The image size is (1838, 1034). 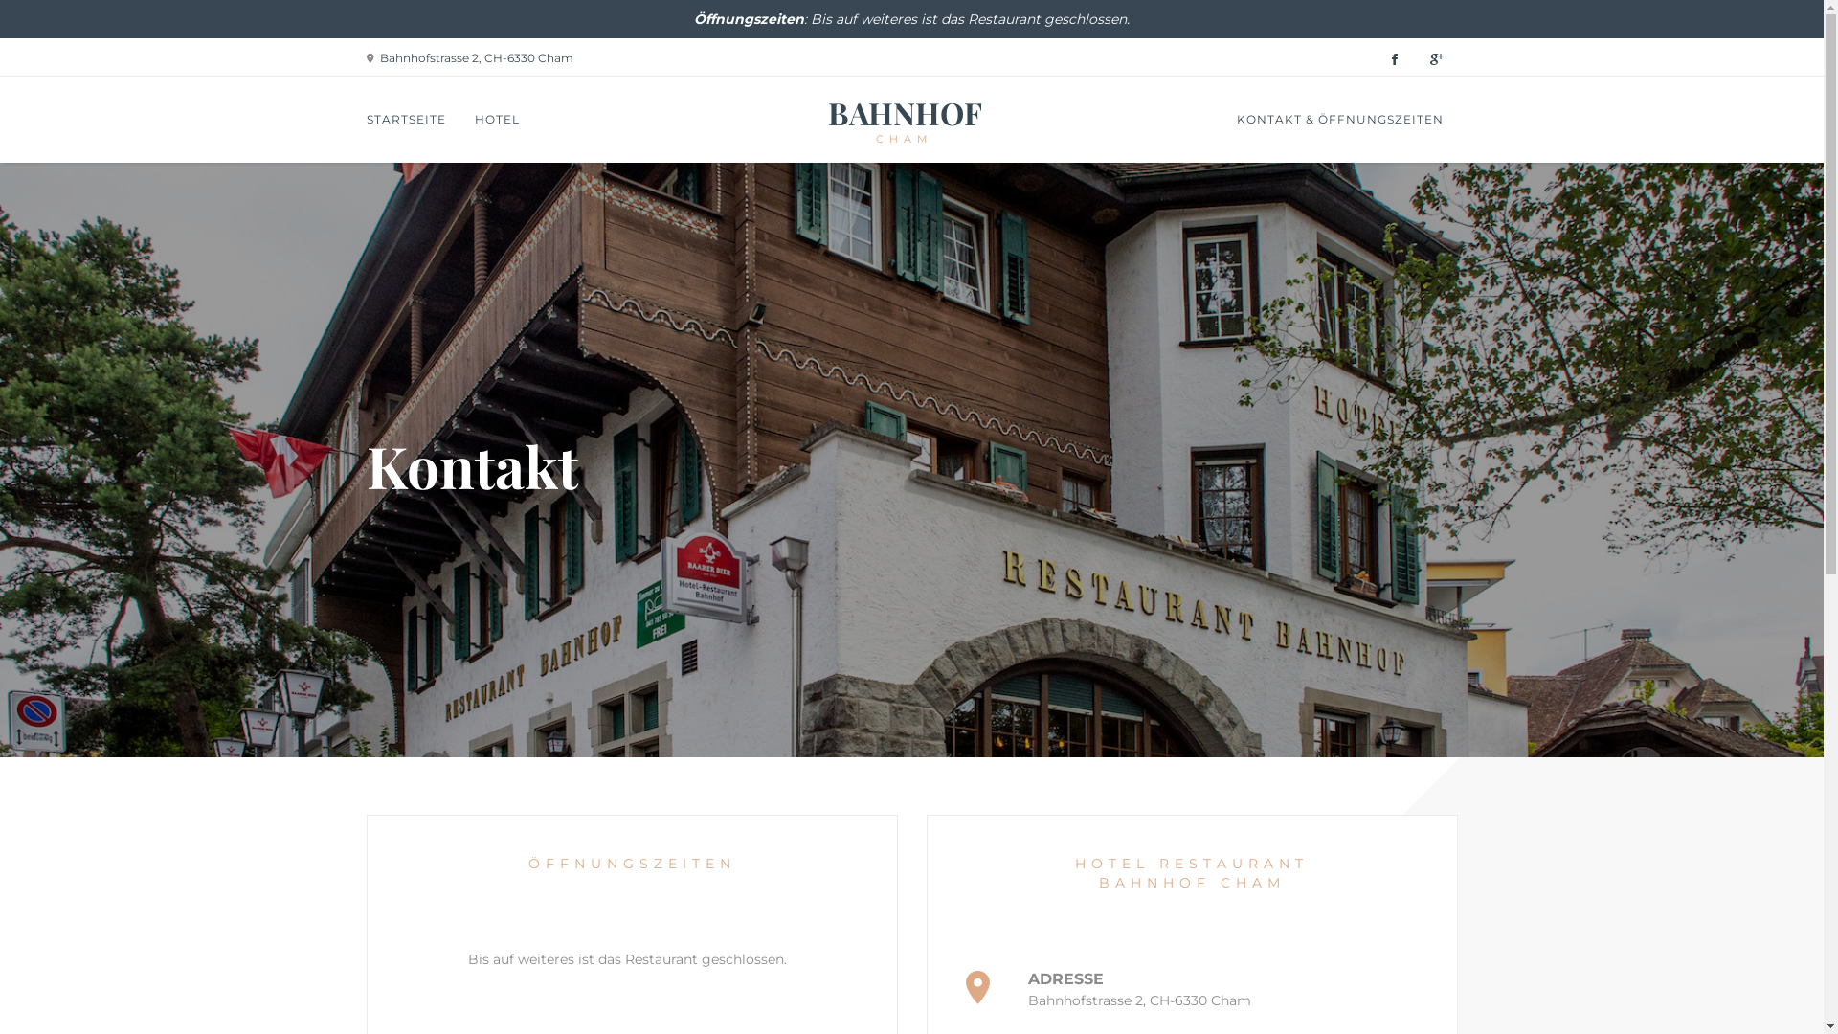 I want to click on 'Bahnhofstrasse 2, CH-6330 Cham', so click(x=476, y=56).